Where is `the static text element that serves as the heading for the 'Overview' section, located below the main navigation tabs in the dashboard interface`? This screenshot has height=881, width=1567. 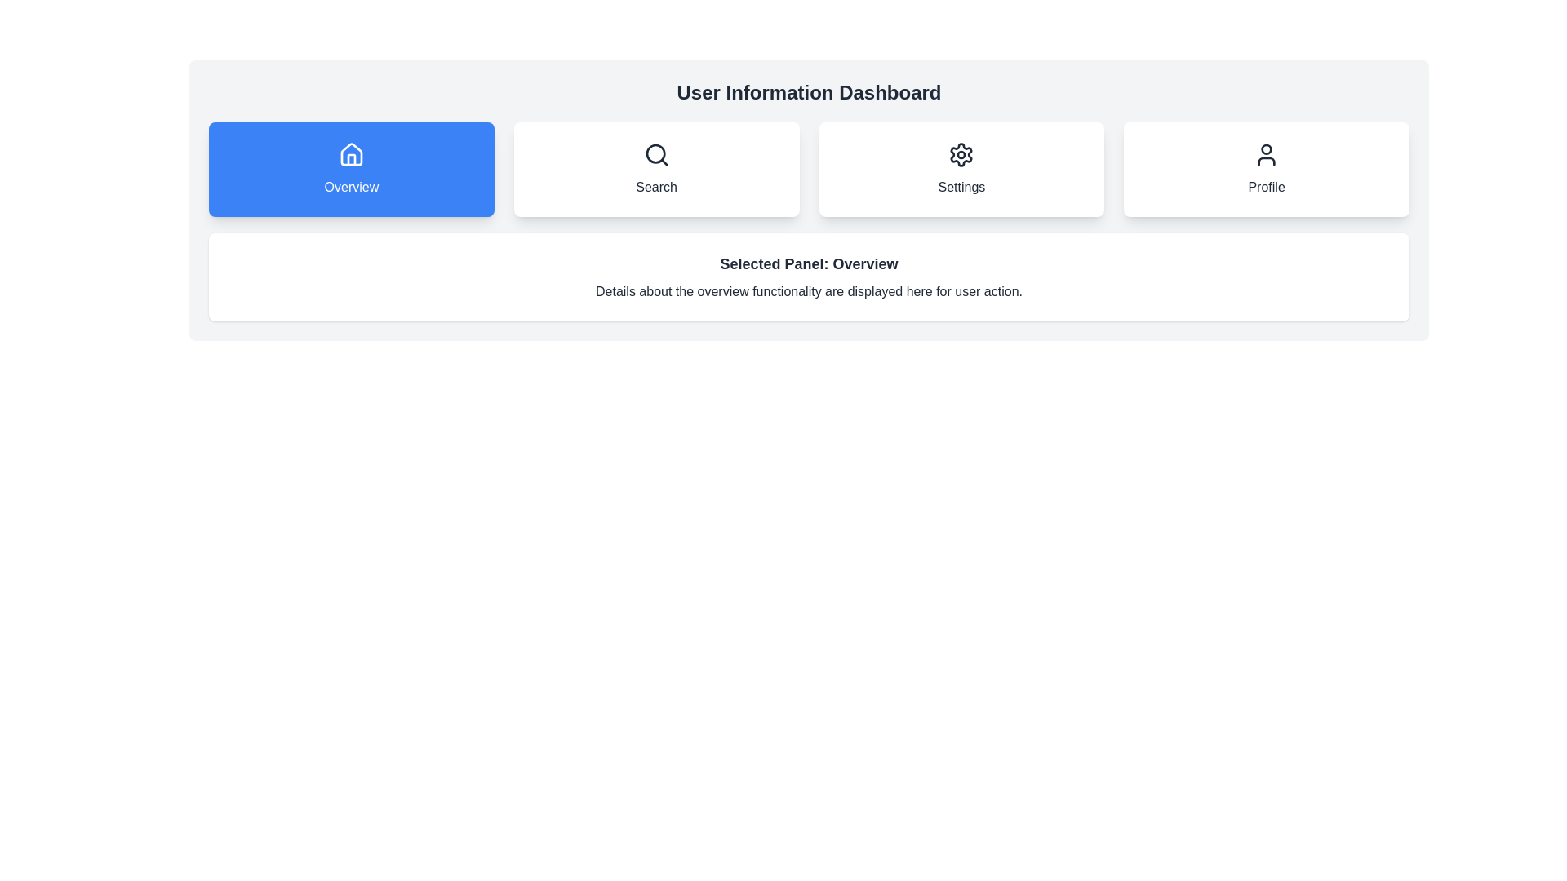 the static text element that serves as the heading for the 'Overview' section, located below the main navigation tabs in the dashboard interface is located at coordinates (809, 263).